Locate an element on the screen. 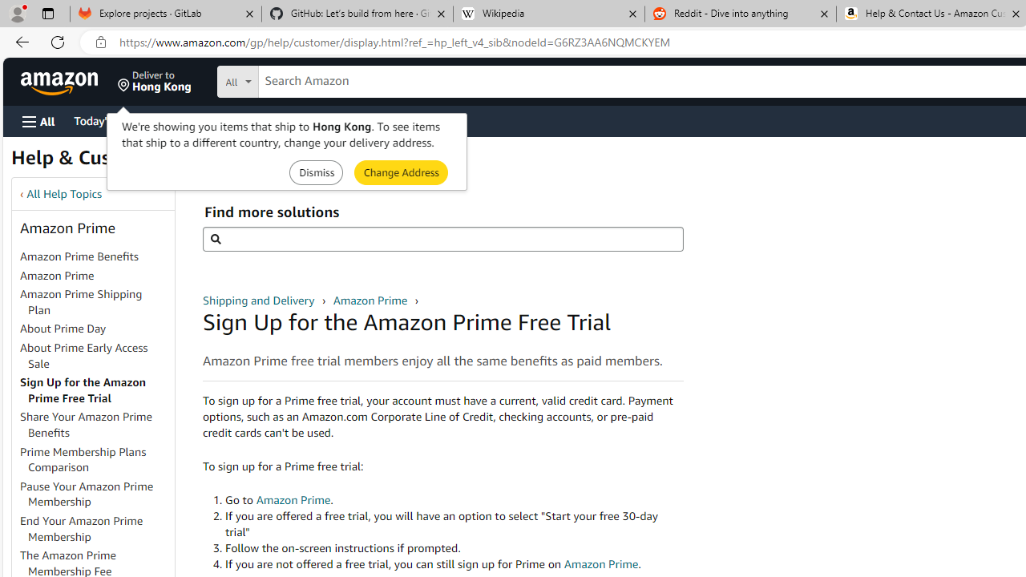 Image resolution: width=1026 pixels, height=577 pixels. 'About Prime Day' is located at coordinates (63, 328).